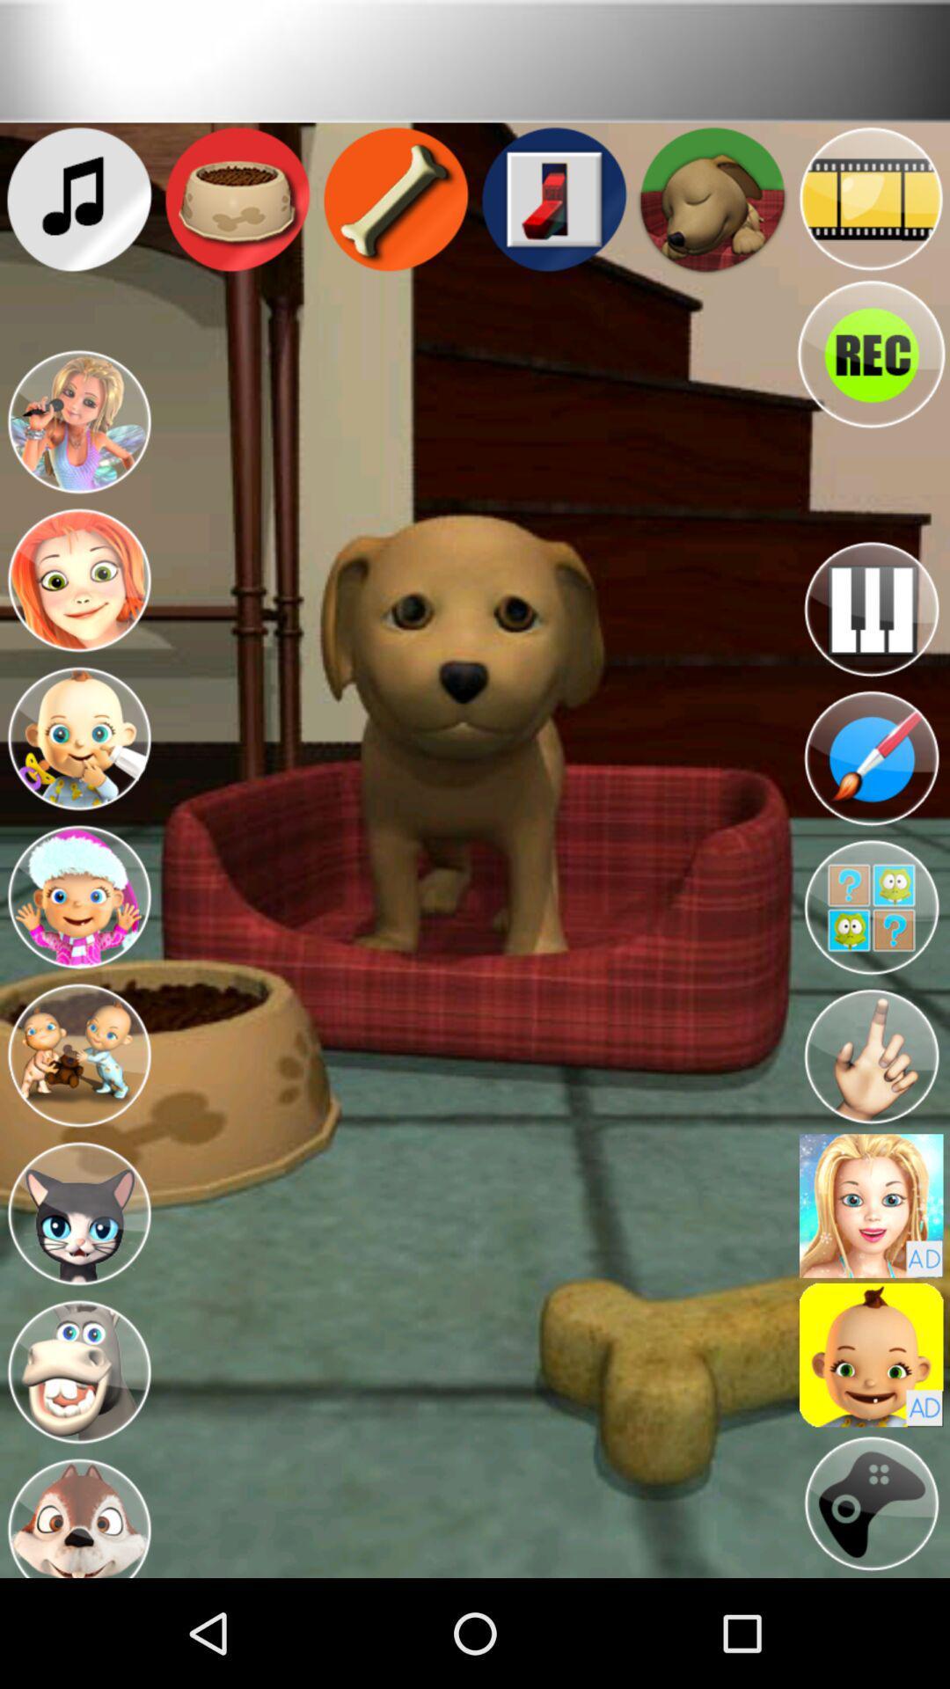  Describe the element at coordinates (871, 970) in the screenshot. I see `the avatar icon` at that location.